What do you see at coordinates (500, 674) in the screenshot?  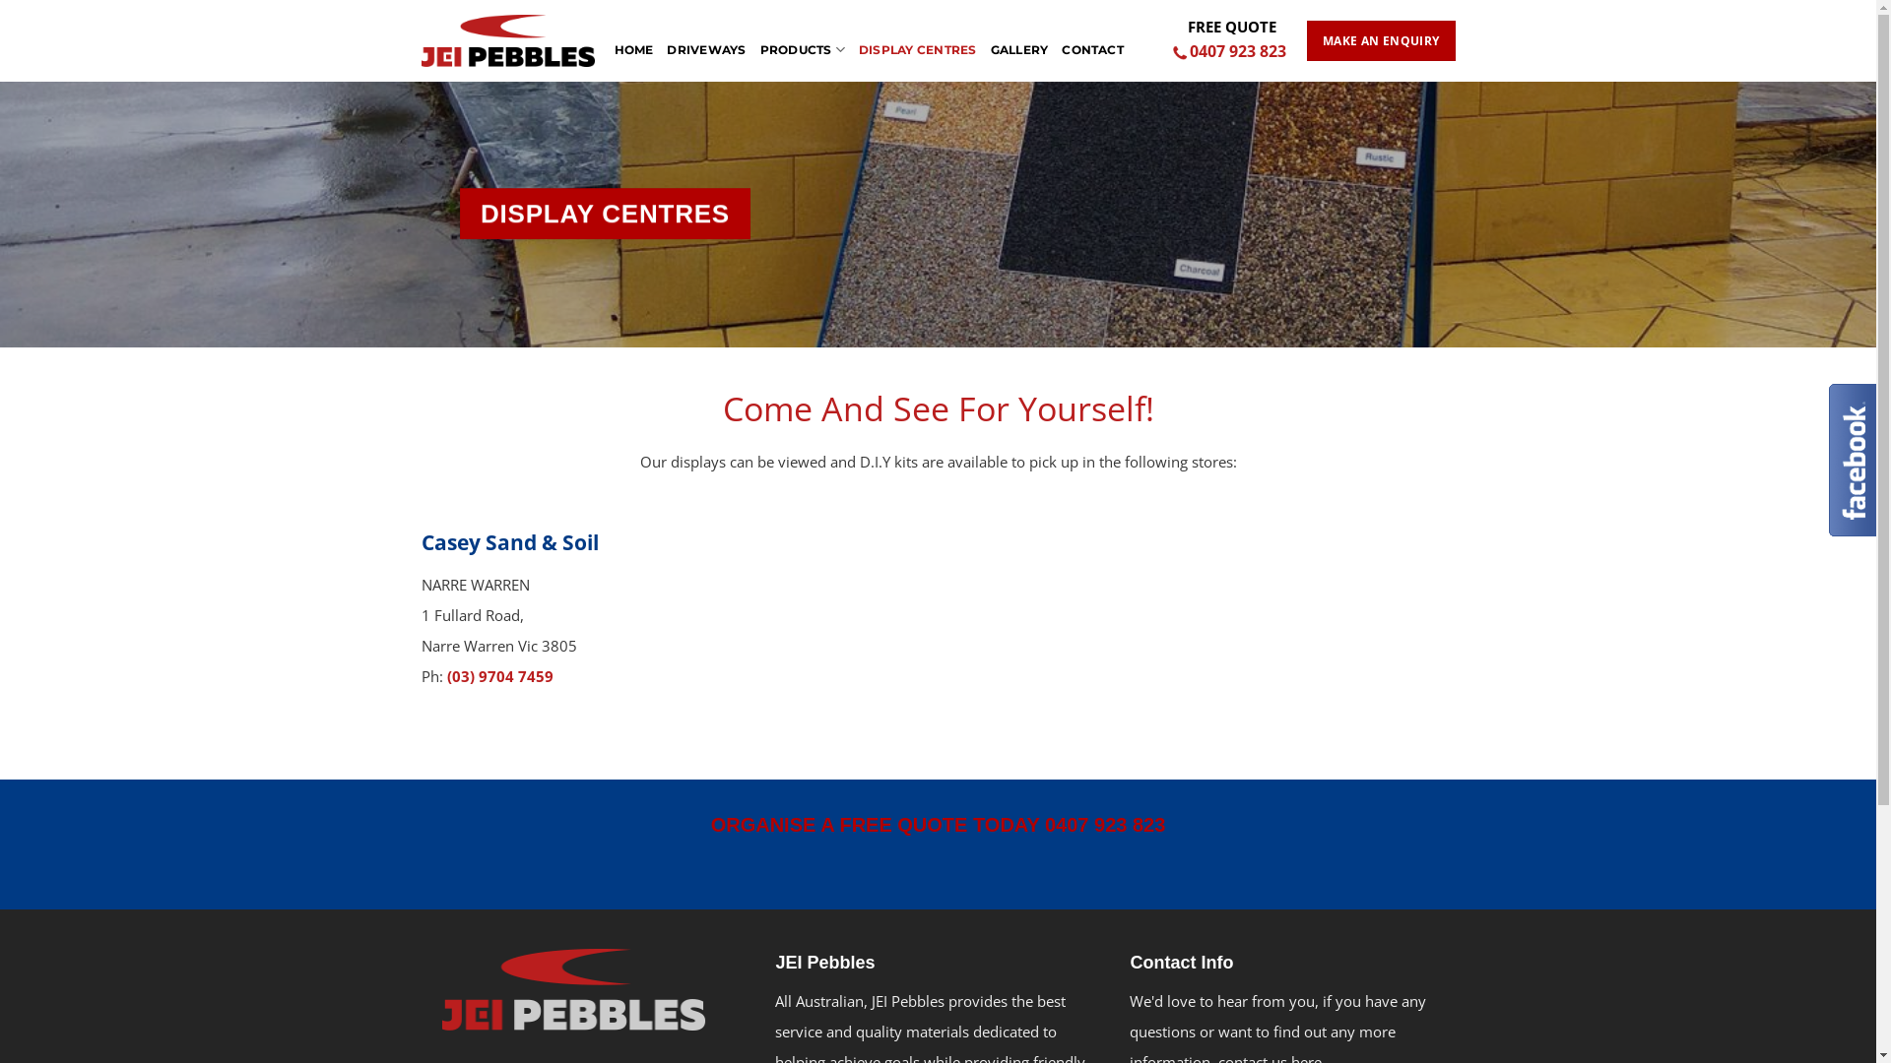 I see `'(03) 9704 7459'` at bounding box center [500, 674].